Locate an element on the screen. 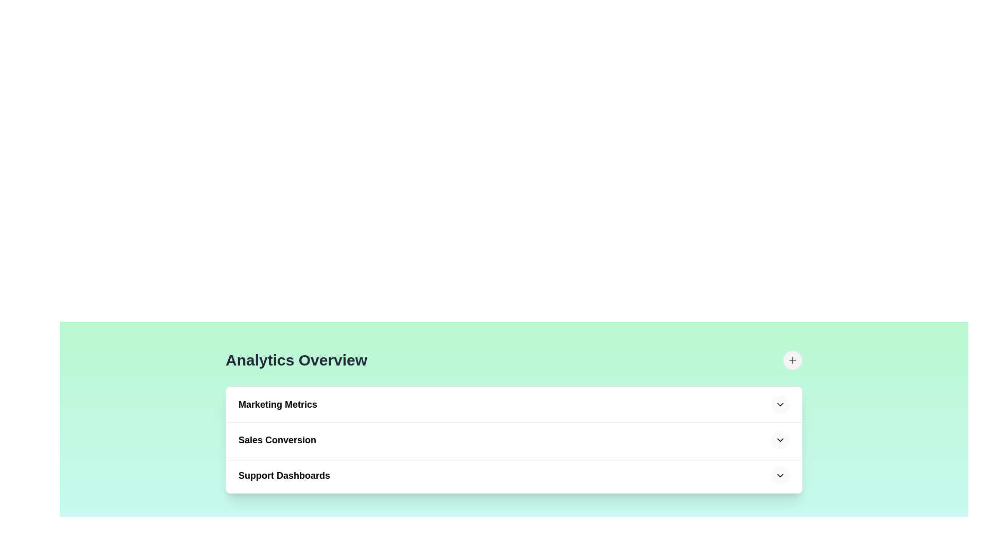  the bold, large text label reading 'Marketing Metrics', which is the first item in the vertical list under the 'Analytics Overview' header is located at coordinates (278, 404).